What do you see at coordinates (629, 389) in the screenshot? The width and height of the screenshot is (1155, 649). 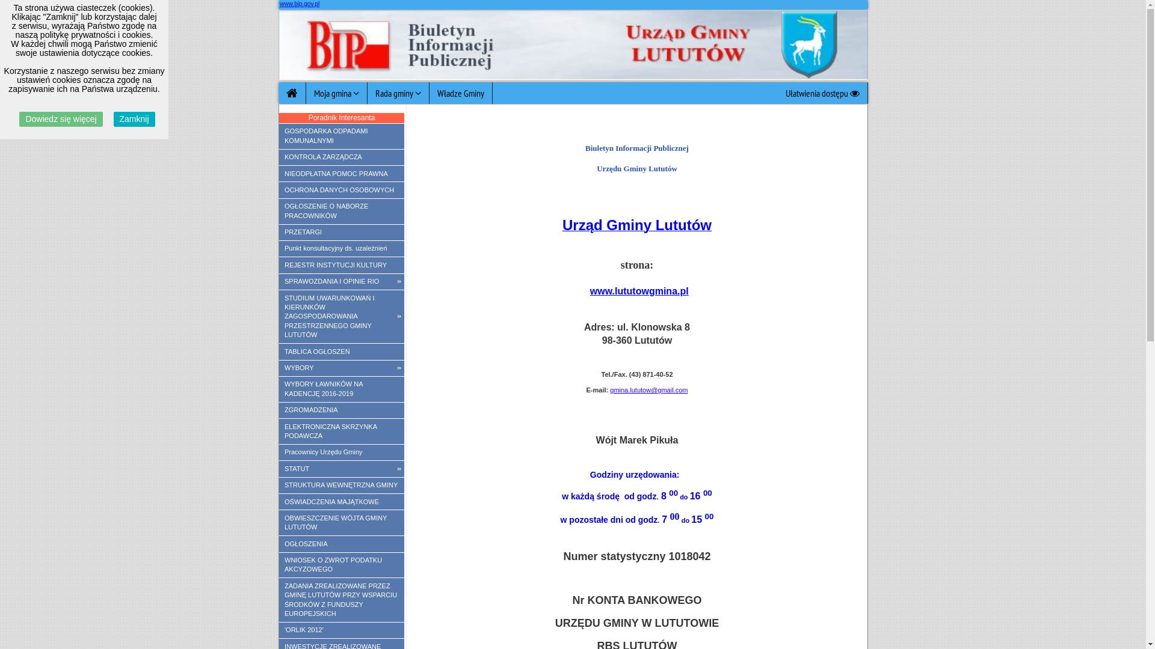 I see `'lututow@g'` at bounding box center [629, 389].